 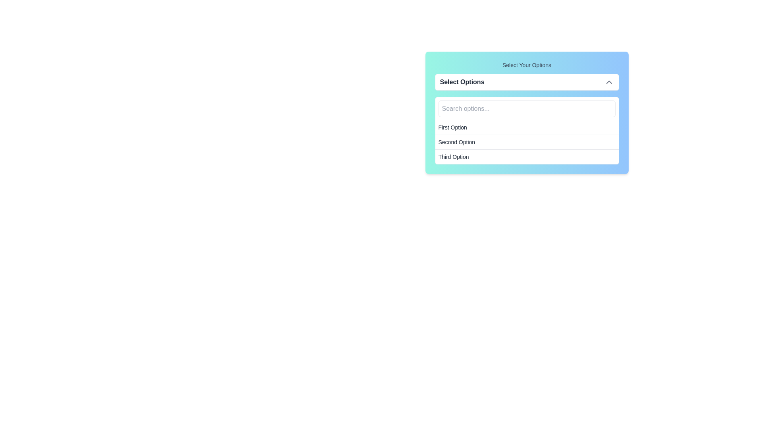 I want to click on text label displaying 'First Option', which is styled in dark gray and located at the top of a dropdown menu, so click(x=452, y=127).